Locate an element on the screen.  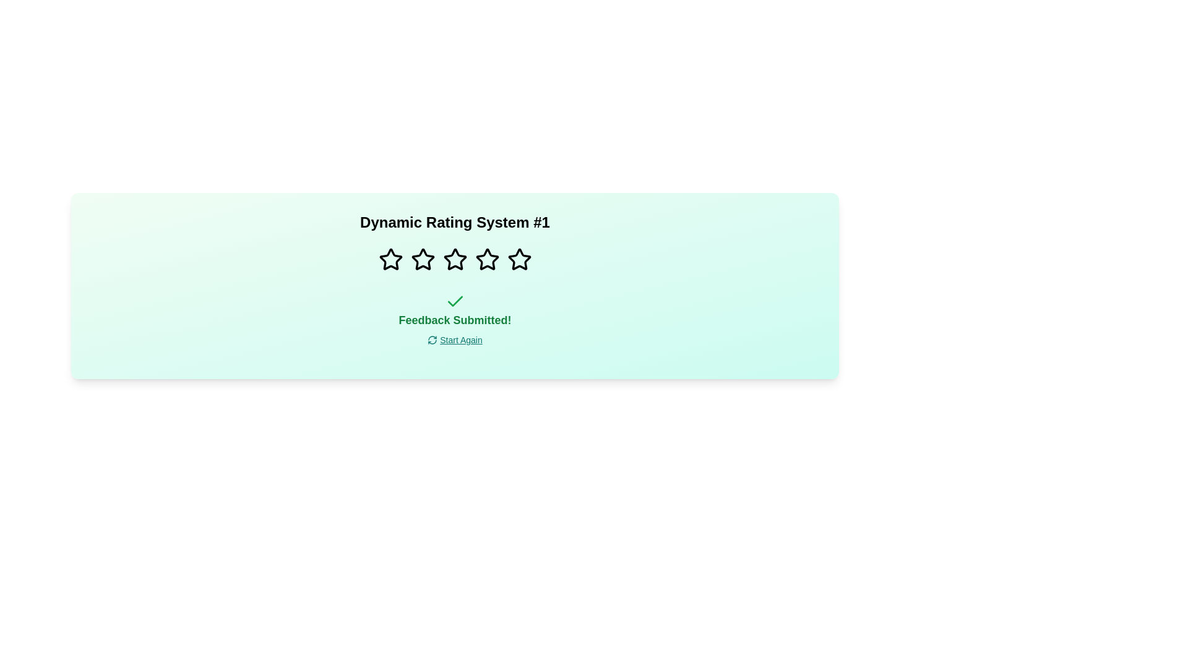
the fifth star icon in the dynamic rating system is located at coordinates (519, 259).